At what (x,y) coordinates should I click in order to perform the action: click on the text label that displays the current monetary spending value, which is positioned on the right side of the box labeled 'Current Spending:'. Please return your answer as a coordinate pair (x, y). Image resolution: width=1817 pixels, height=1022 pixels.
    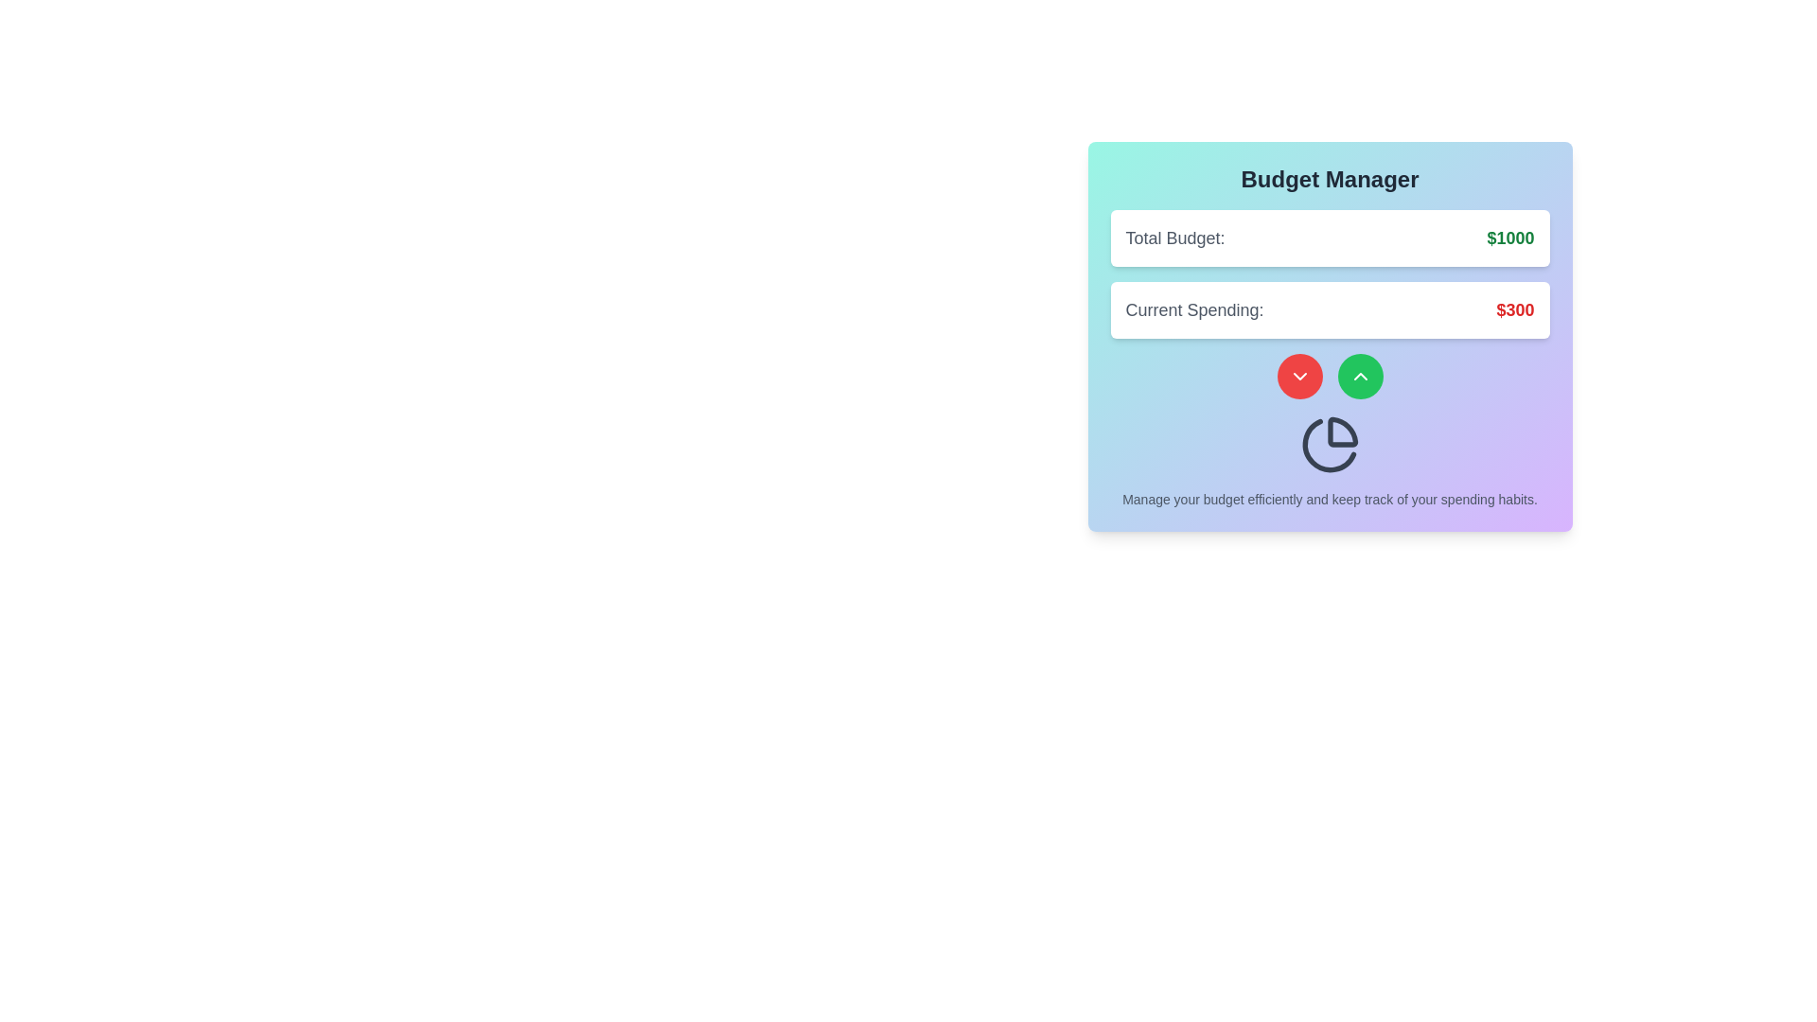
    Looking at the image, I should click on (1515, 308).